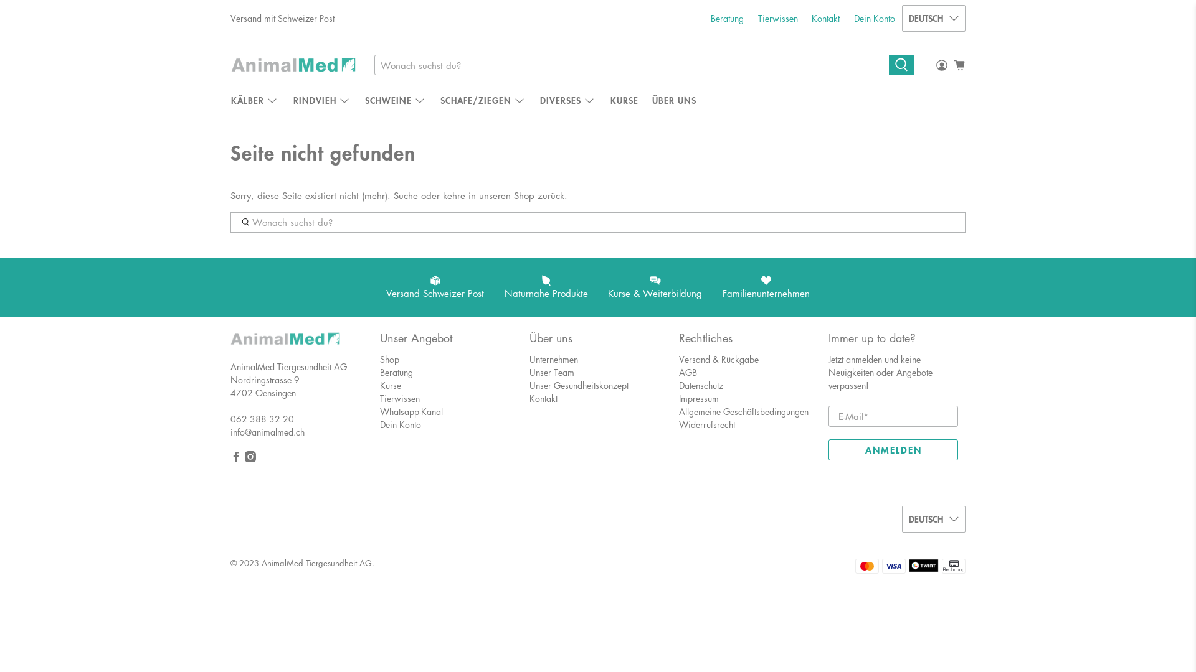 This screenshot has width=1196, height=672. I want to click on 'AnimalMed Tiergesundheit AG on Facebook', so click(230, 458).